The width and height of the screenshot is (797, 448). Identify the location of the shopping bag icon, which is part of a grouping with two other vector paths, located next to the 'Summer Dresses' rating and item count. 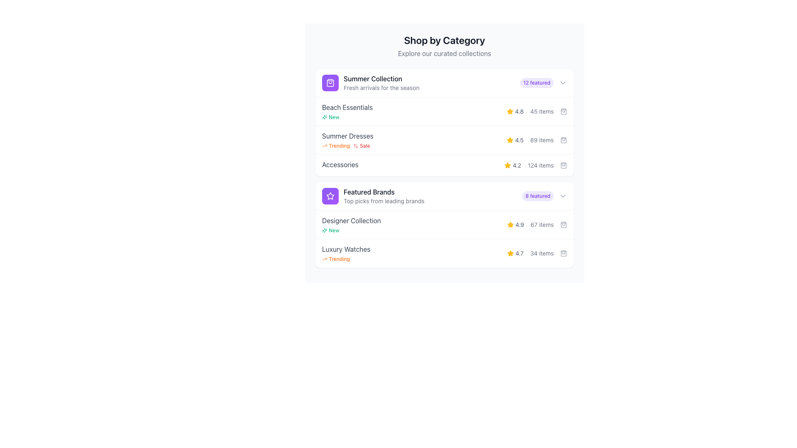
(564, 140).